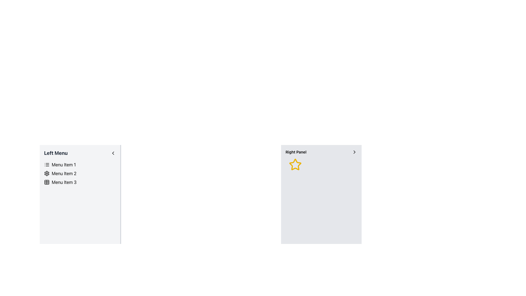 The height and width of the screenshot is (296, 526). I want to click on the list icon located in the left sidebar menu, so click(47, 164).